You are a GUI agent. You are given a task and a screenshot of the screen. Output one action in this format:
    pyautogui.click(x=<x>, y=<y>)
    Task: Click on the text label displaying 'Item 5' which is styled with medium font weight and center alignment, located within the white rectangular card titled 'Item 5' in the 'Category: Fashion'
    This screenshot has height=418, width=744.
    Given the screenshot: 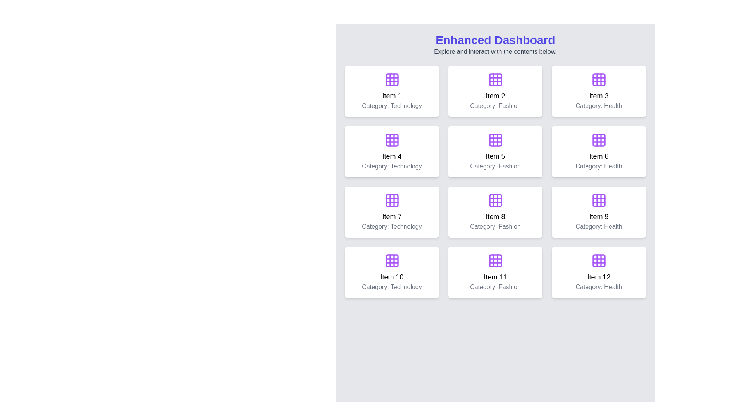 What is the action you would take?
    pyautogui.click(x=495, y=156)
    